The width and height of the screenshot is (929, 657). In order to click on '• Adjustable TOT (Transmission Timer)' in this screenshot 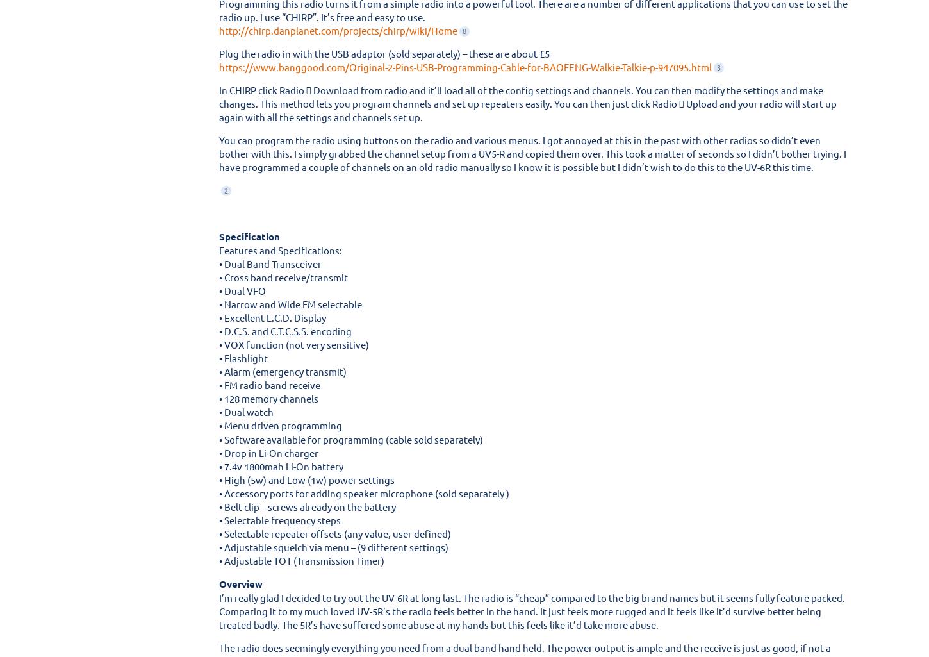, I will do `click(219, 560)`.